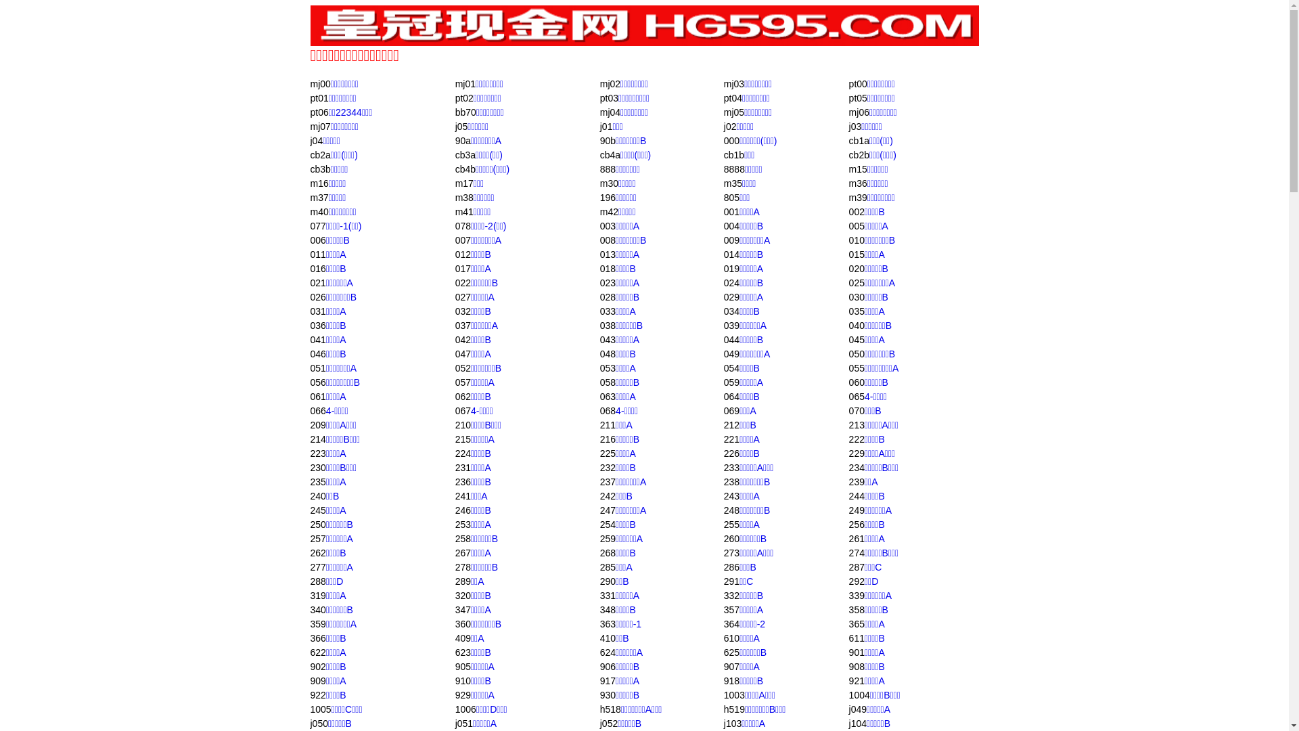 This screenshot has width=1299, height=731. What do you see at coordinates (317, 239) in the screenshot?
I see `'006'` at bounding box center [317, 239].